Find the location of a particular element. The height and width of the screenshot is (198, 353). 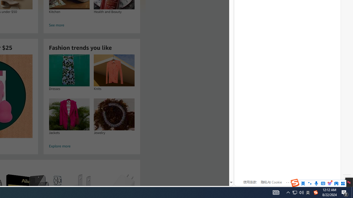

'Jackets' is located at coordinates (69, 114).